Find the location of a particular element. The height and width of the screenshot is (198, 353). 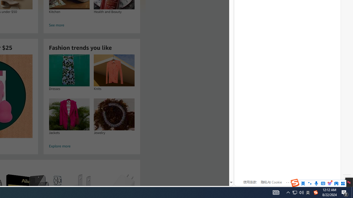

'Jackets' is located at coordinates (69, 114).